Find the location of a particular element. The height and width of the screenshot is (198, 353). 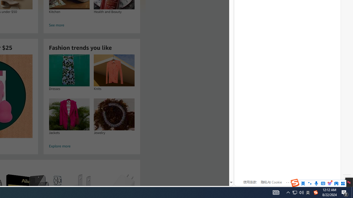

'Jackets' is located at coordinates (69, 114).